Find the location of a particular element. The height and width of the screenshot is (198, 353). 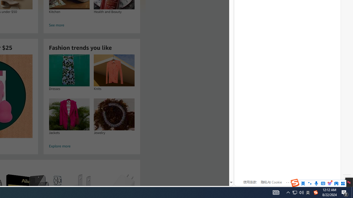

'Jackets' is located at coordinates (69, 114).